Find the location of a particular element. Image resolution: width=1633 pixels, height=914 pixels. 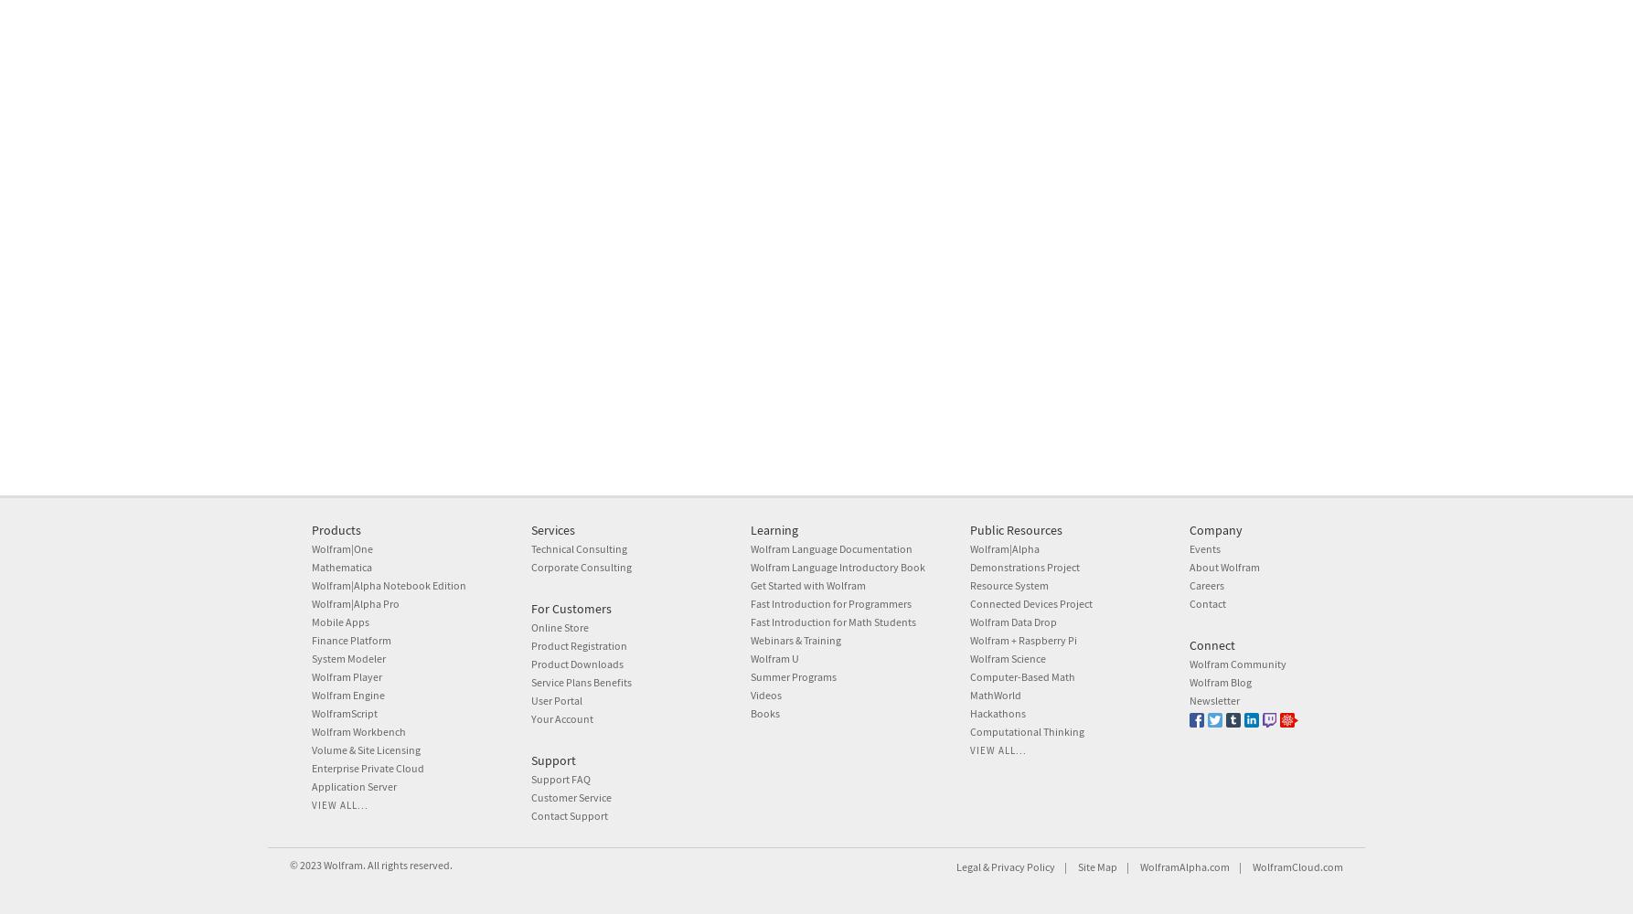

'Connected Devices Project' is located at coordinates (1030, 603).